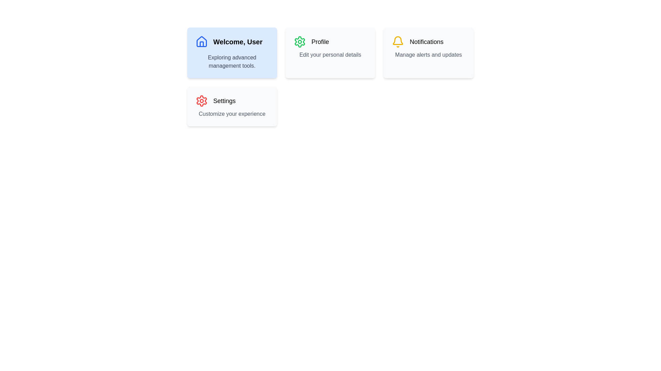 This screenshot has width=661, height=371. I want to click on the blue house icon located on the upper left of the 'Welcome, User' card, which is positioned to the left of the text in the card, so click(201, 44).